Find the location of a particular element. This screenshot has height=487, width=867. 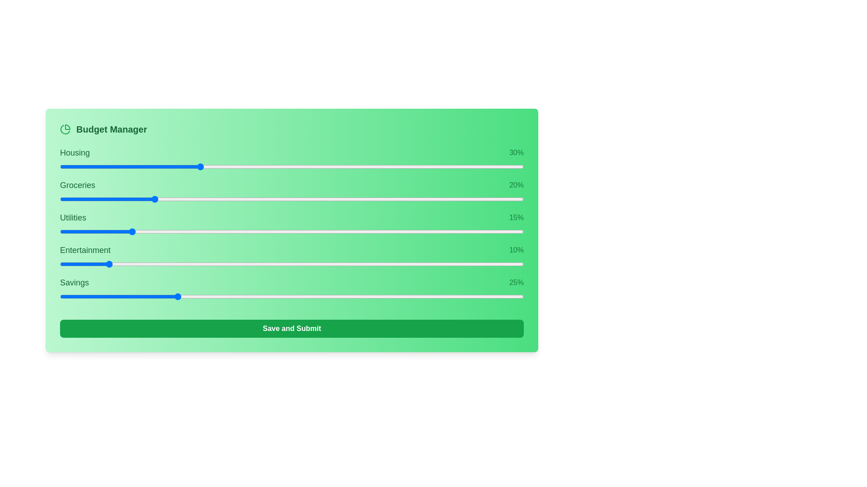

the slider for 0 to 77% allocation is located at coordinates (470, 167).